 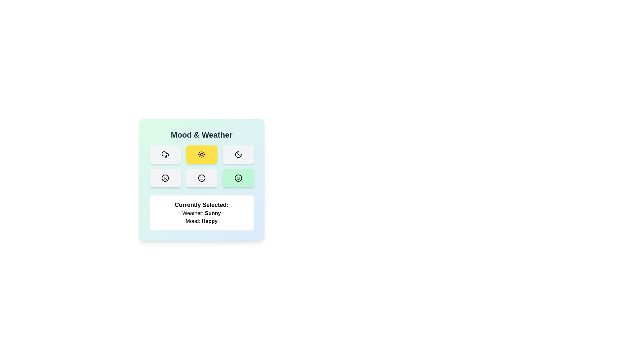 What do you see at coordinates (165, 178) in the screenshot?
I see `the first button in the second row of a 3x2 grid layout` at bounding box center [165, 178].